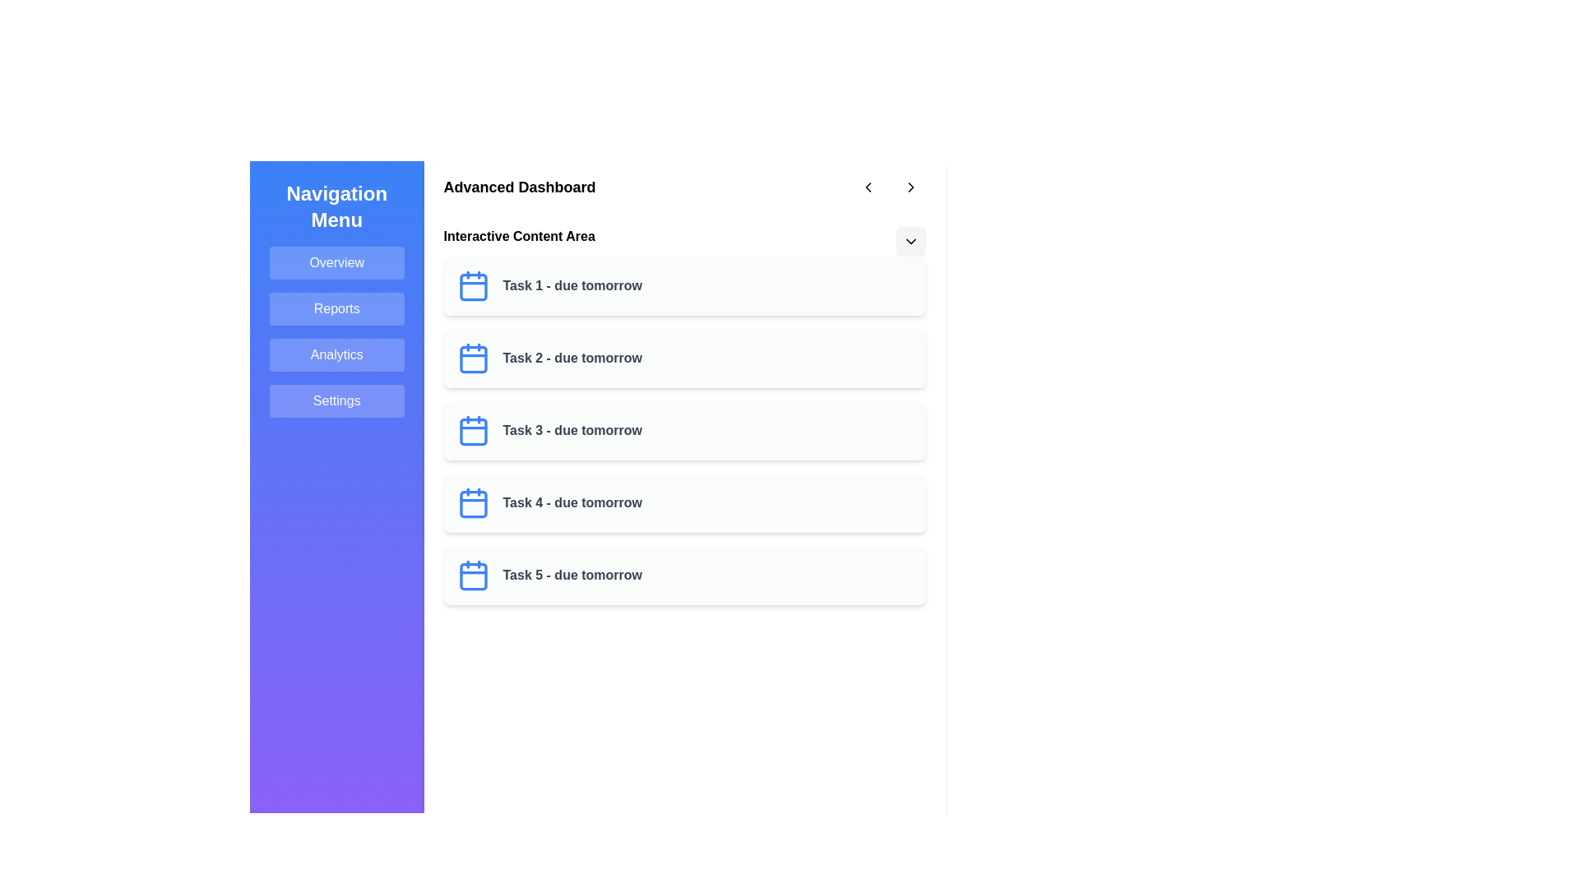 The image size is (1579, 888). What do you see at coordinates (472, 574) in the screenshot?
I see `the blue calendar icon with rounded corners, located to the left of the 'Task 5 - due tomorrow' text in the fifth card of the vertical list` at bounding box center [472, 574].